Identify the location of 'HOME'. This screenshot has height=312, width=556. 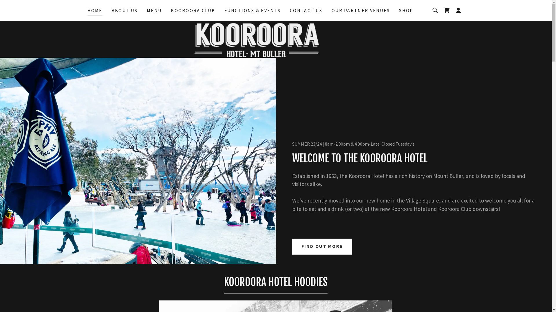
(87, 11).